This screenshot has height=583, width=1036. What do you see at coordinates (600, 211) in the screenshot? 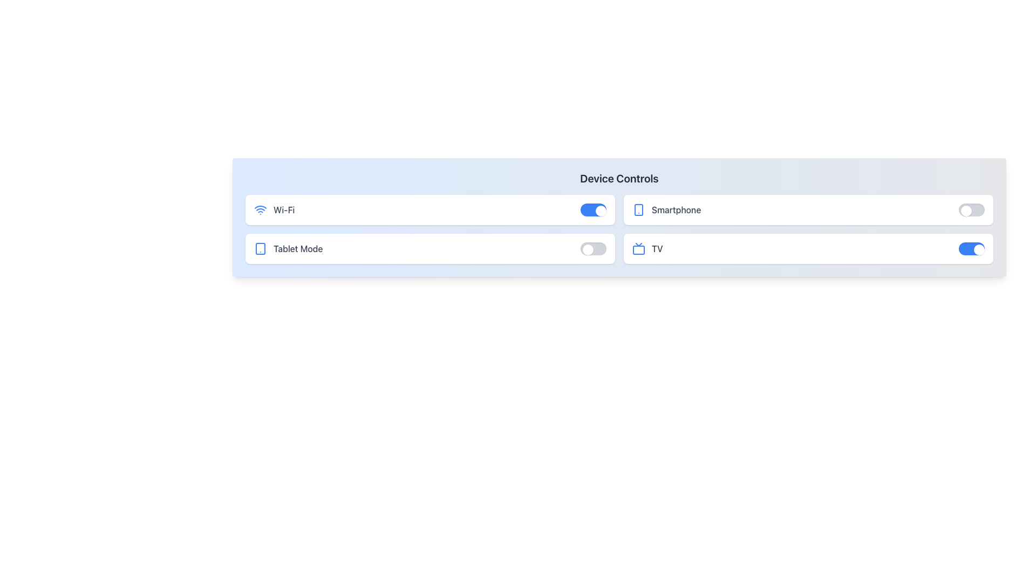
I see `the toggle knob of the 'Wi-Fi' switch located in the top-left section of the 'Device Controls' interface` at bounding box center [600, 211].